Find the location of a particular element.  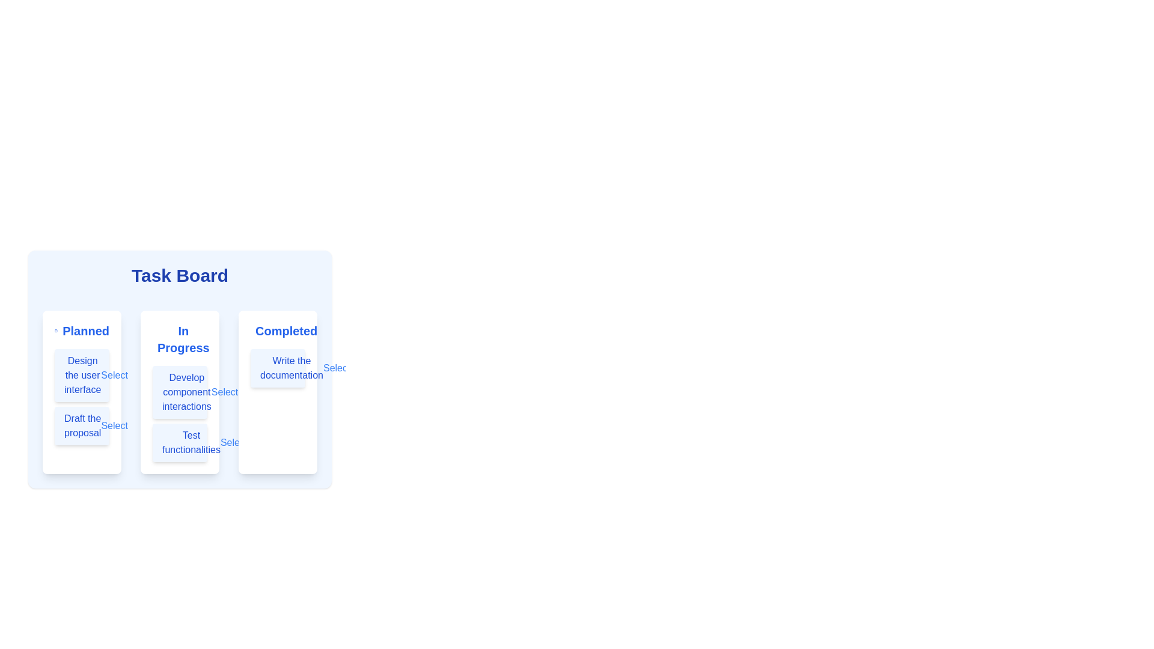

the text label 'Planned', which is styled in bold, extra-large blue font at the top of the leftmost task card in the task board layout is located at coordinates (81, 331).